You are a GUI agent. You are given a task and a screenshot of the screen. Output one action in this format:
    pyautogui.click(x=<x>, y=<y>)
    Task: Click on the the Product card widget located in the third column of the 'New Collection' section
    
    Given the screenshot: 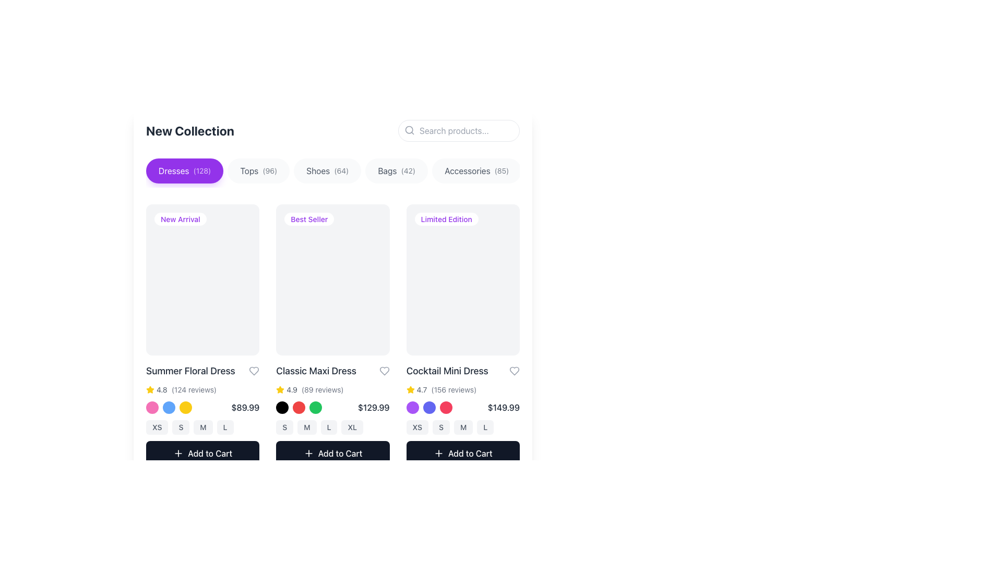 What is the action you would take?
    pyautogui.click(x=462, y=335)
    